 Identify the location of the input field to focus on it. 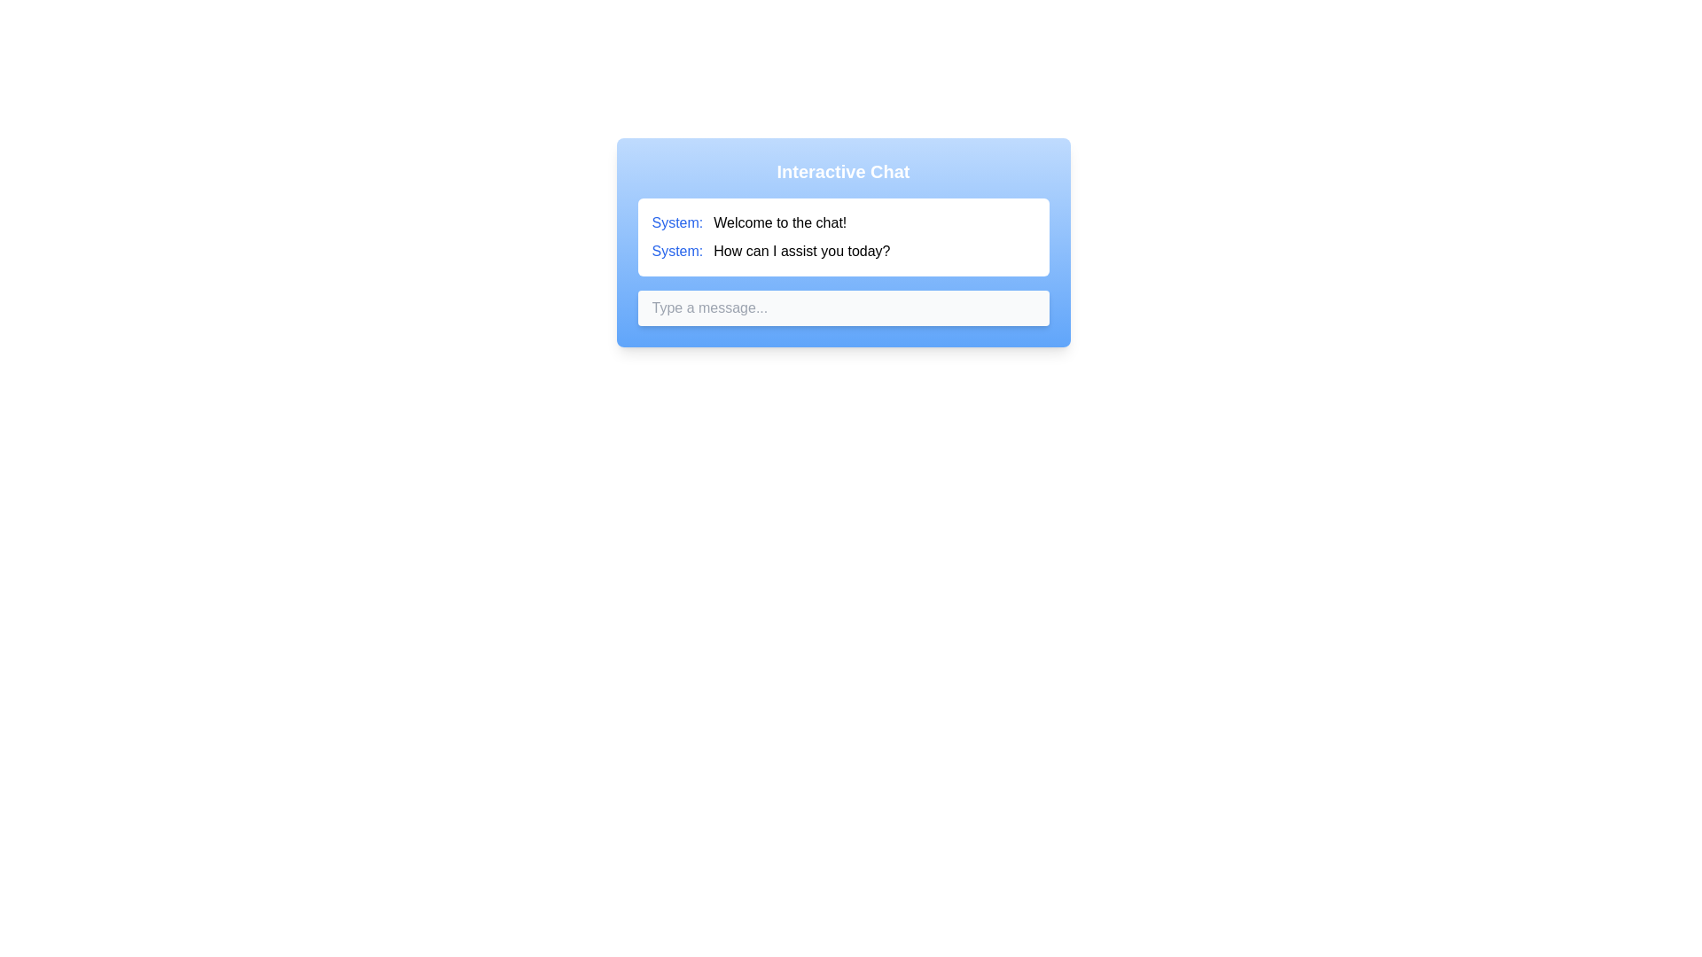
(842, 307).